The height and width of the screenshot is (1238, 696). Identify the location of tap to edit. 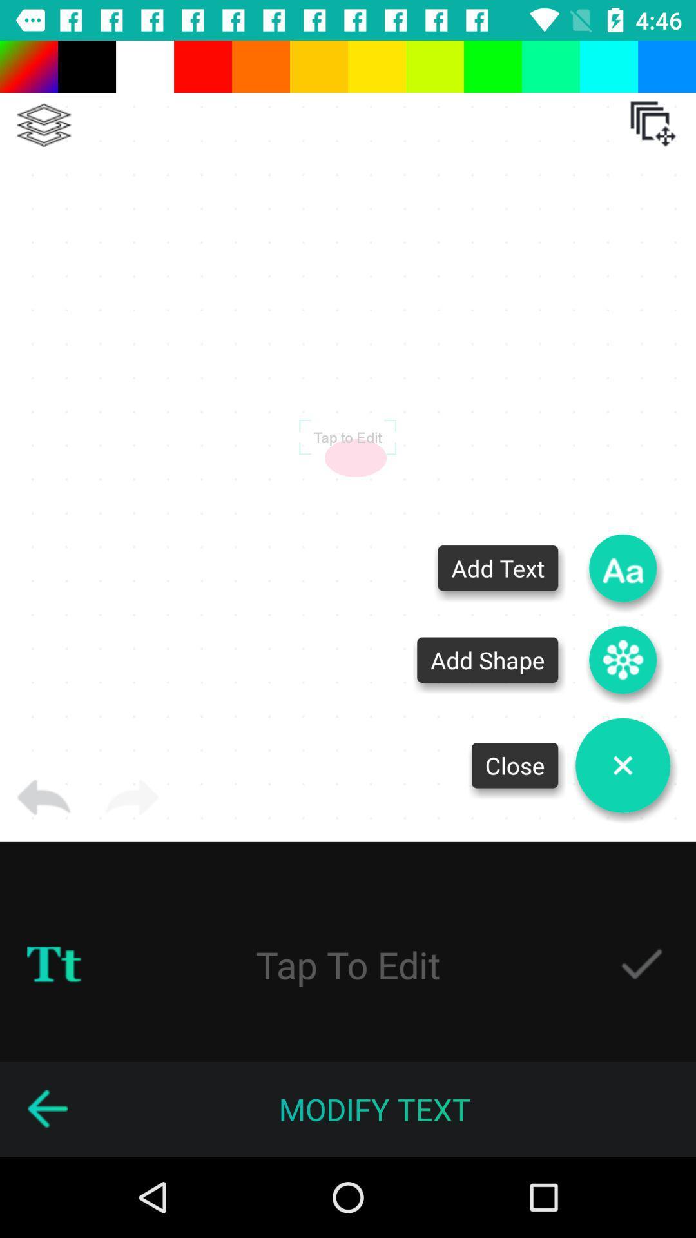
(348, 964).